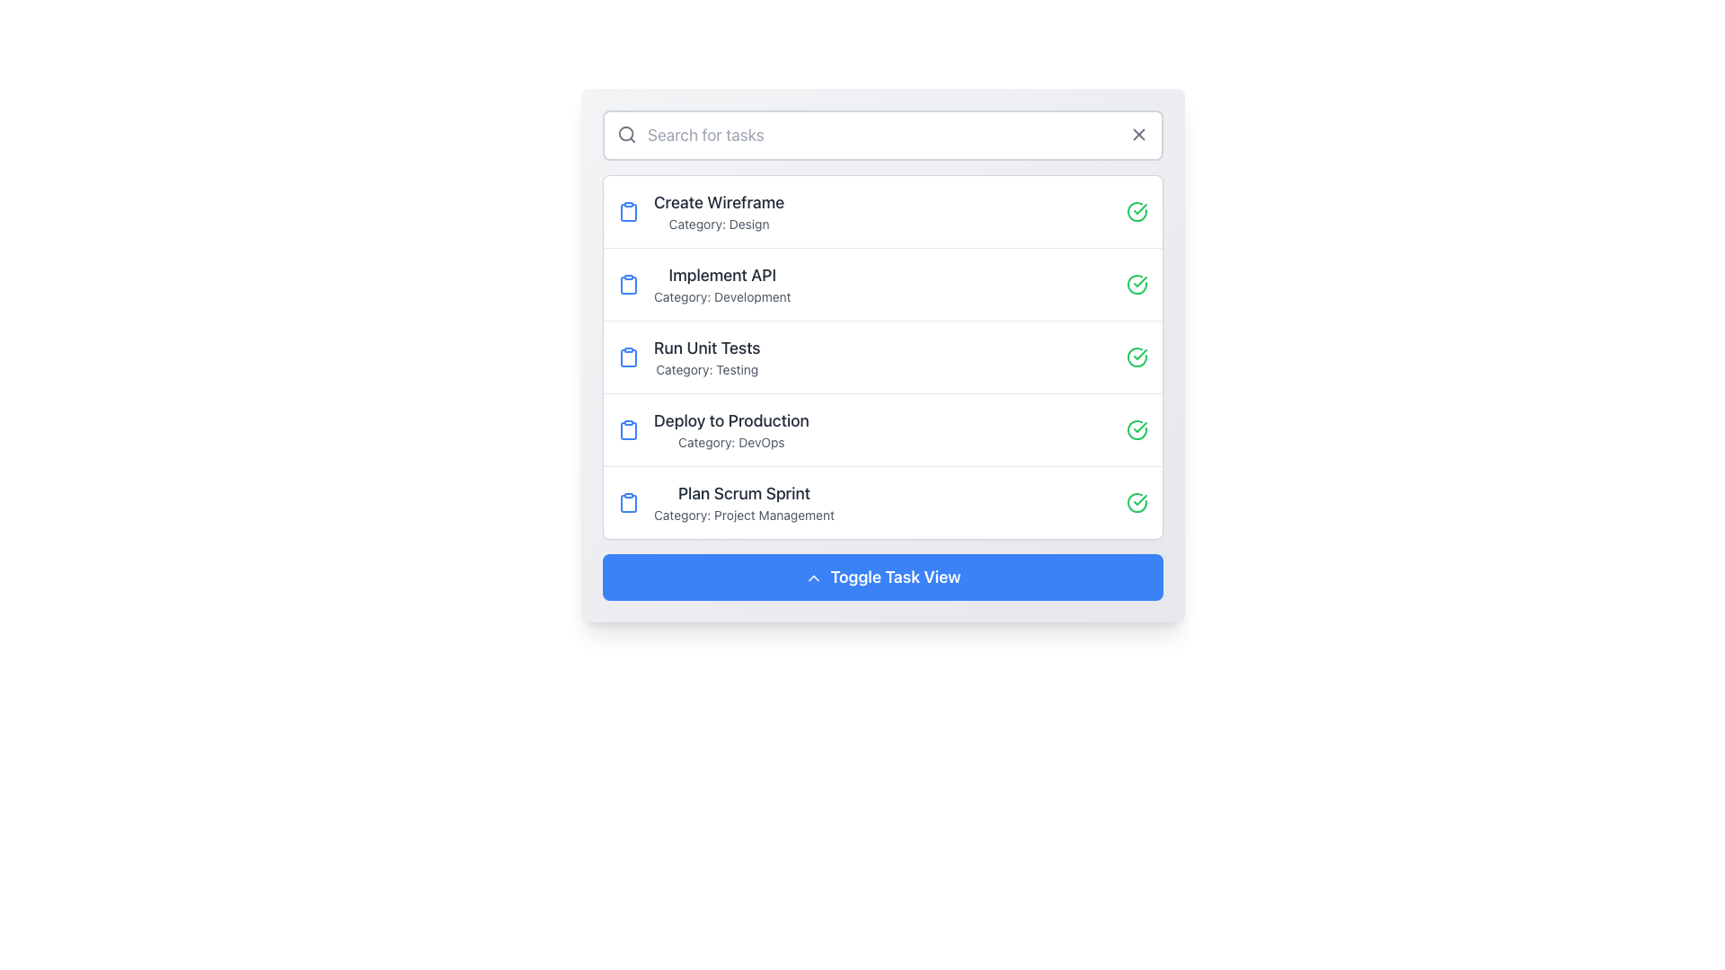 The image size is (1725, 970). Describe the element at coordinates (744, 494) in the screenshot. I see `the fifth text label in the vertically aligned list of task items, which serves as a title for a task, located between 'Deploy to Production' and a blue button labeled 'Toggle Task View'` at that location.